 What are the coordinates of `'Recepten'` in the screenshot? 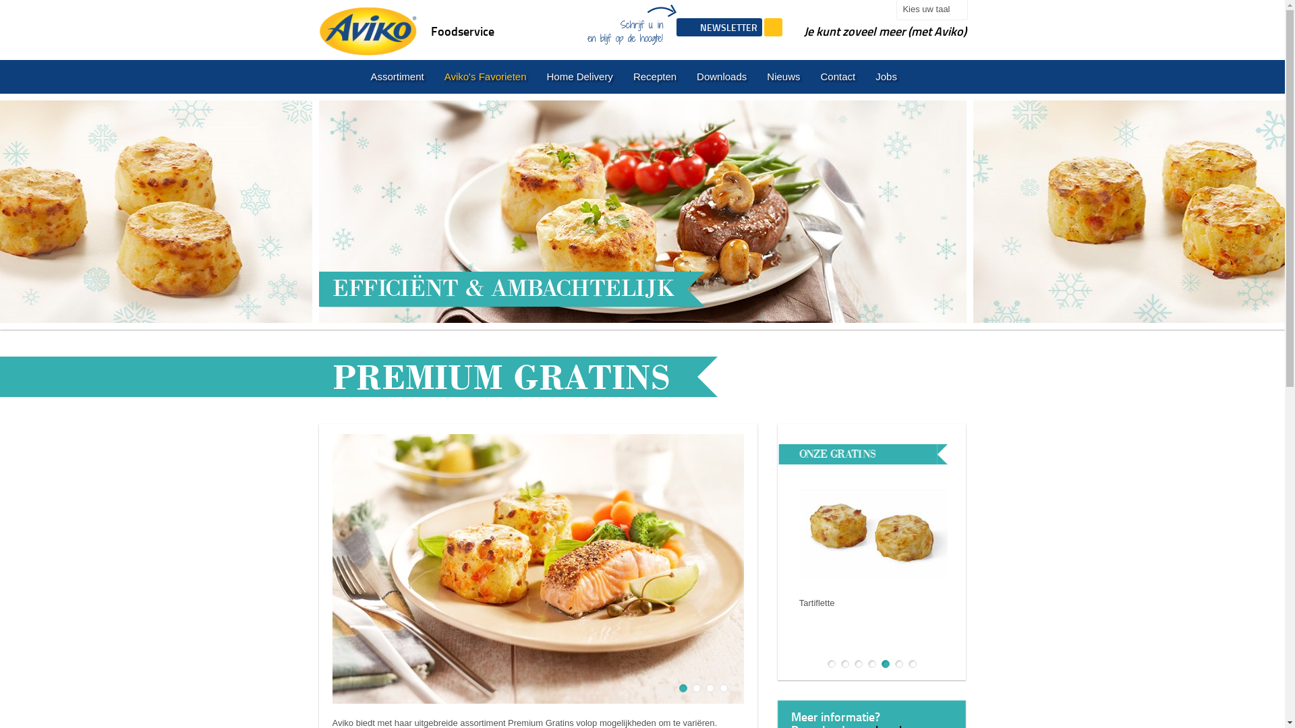 It's located at (654, 77).